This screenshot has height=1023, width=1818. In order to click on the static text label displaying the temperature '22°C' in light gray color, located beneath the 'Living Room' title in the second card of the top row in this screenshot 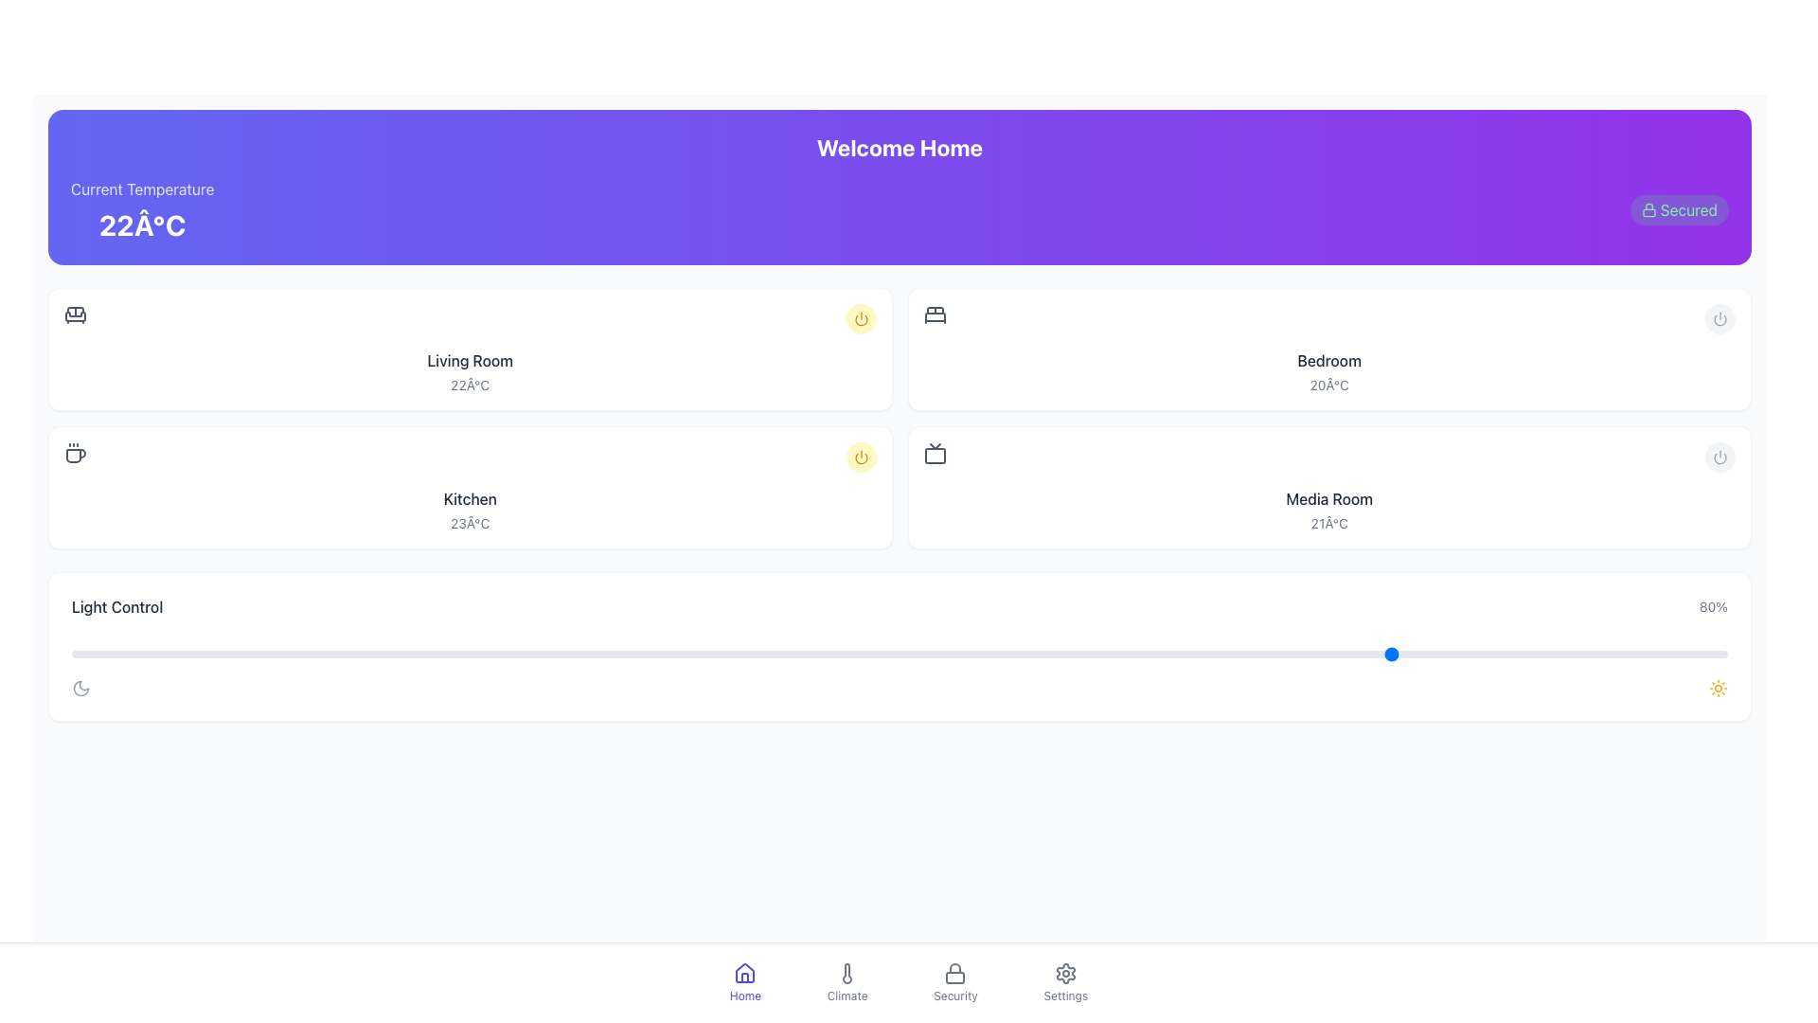, I will do `click(470, 385)`.